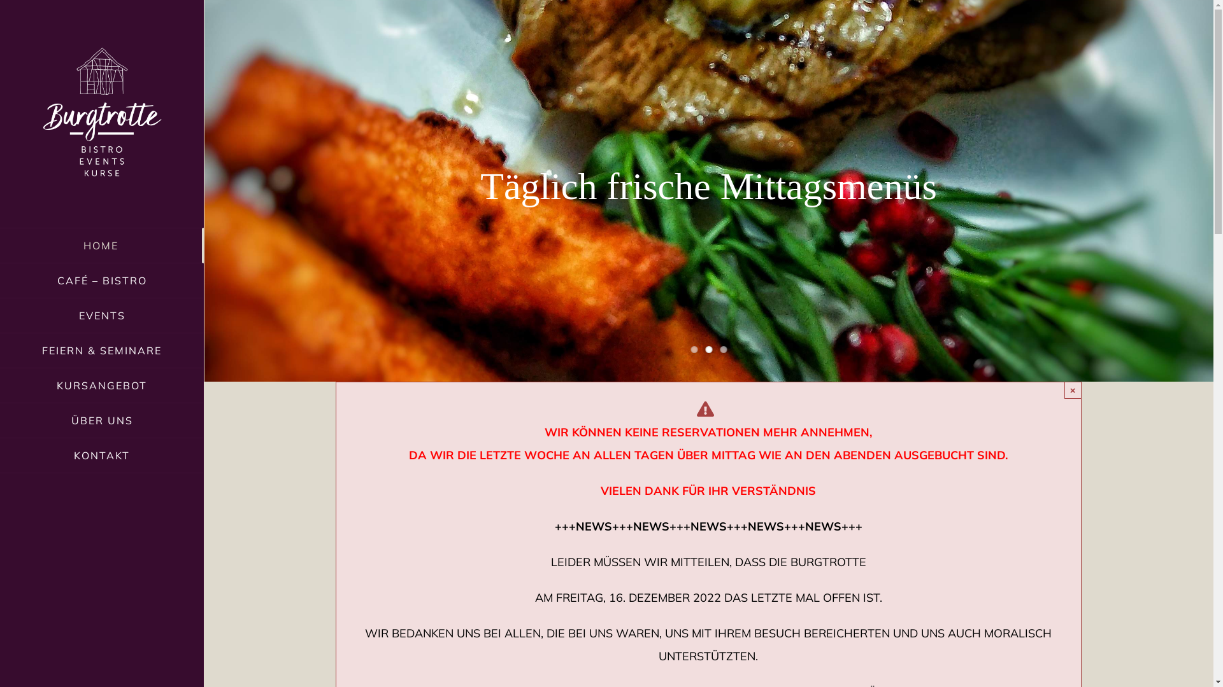  What do you see at coordinates (101, 385) in the screenshot?
I see `'KURSANGEBOT'` at bounding box center [101, 385].